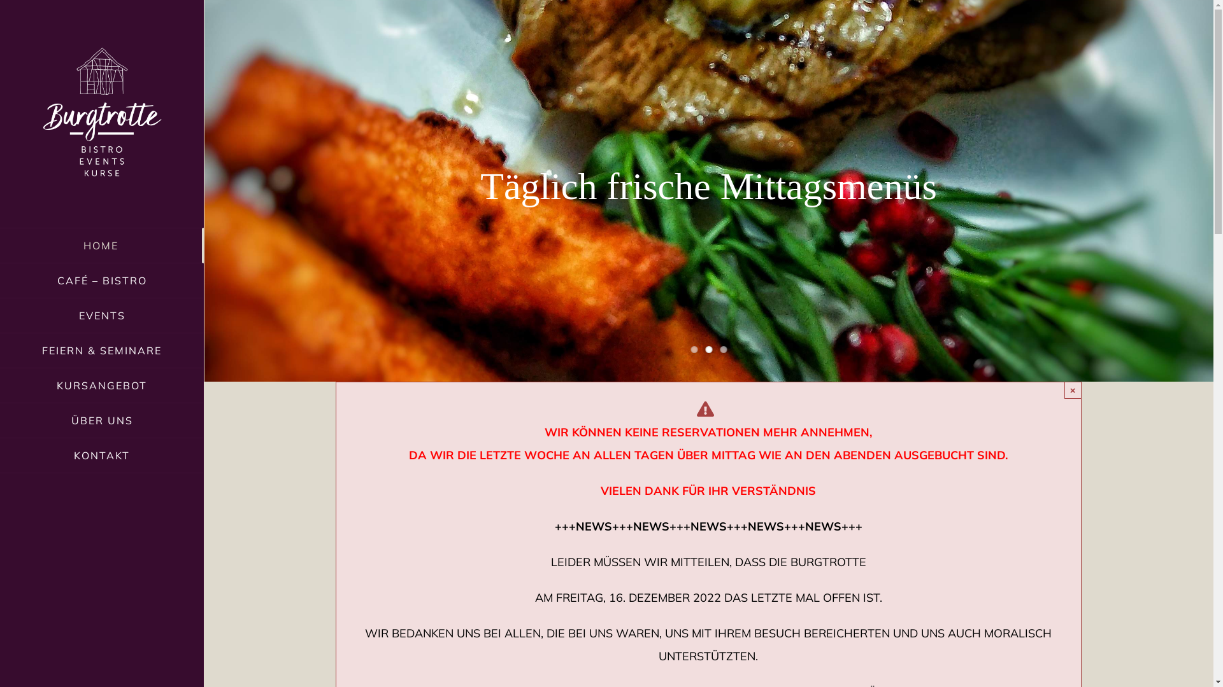  What do you see at coordinates (101, 385) in the screenshot?
I see `'KURSANGEBOT'` at bounding box center [101, 385].